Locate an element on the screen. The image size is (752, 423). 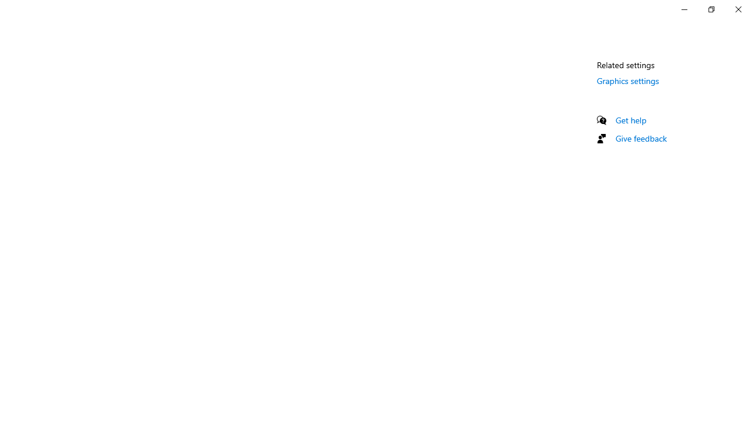
'Give feedback' is located at coordinates (640, 137).